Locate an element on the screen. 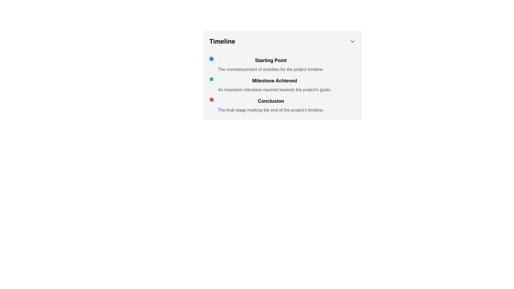 This screenshot has height=289, width=514. information displayed in the text block titled 'Starting Point' which contains a bold headline and a description aligned to the left is located at coordinates (282, 64).